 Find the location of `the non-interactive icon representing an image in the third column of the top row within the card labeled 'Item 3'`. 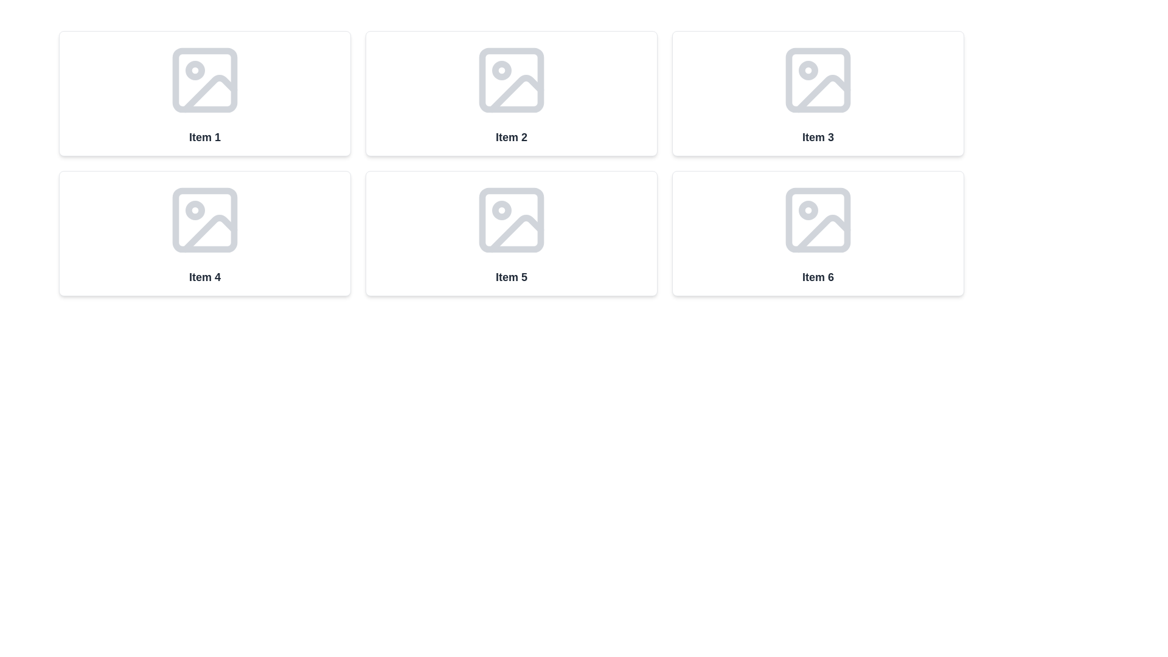

the non-interactive icon representing an image in the third column of the top row within the card labeled 'Item 3' is located at coordinates (818, 80).